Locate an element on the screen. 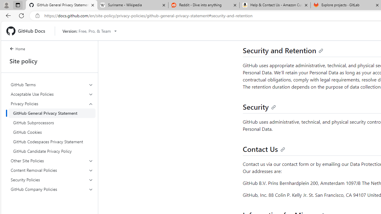 The image size is (381, 214). 'Other Site Policies' is located at coordinates (52, 161).